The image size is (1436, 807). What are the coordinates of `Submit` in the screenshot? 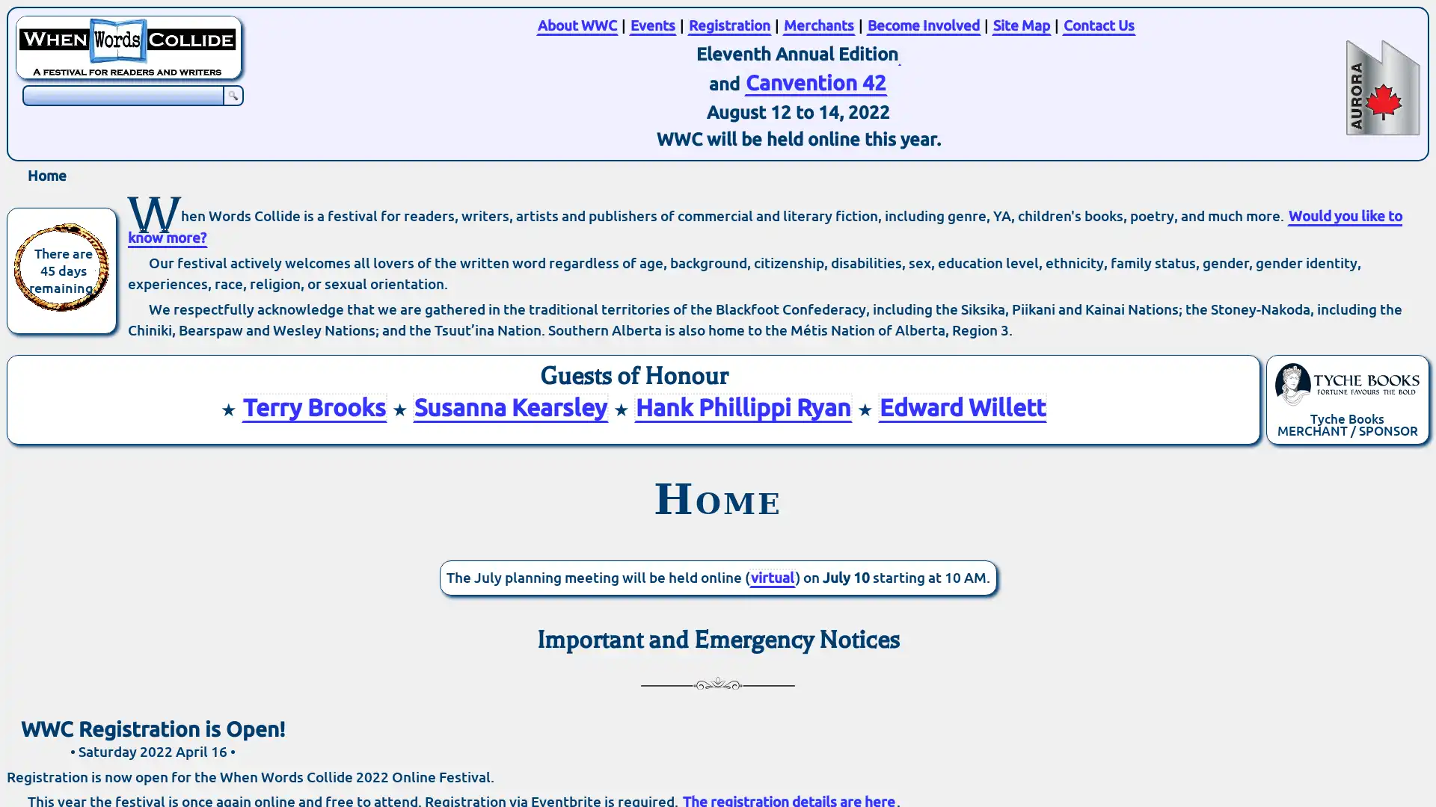 It's located at (233, 95).